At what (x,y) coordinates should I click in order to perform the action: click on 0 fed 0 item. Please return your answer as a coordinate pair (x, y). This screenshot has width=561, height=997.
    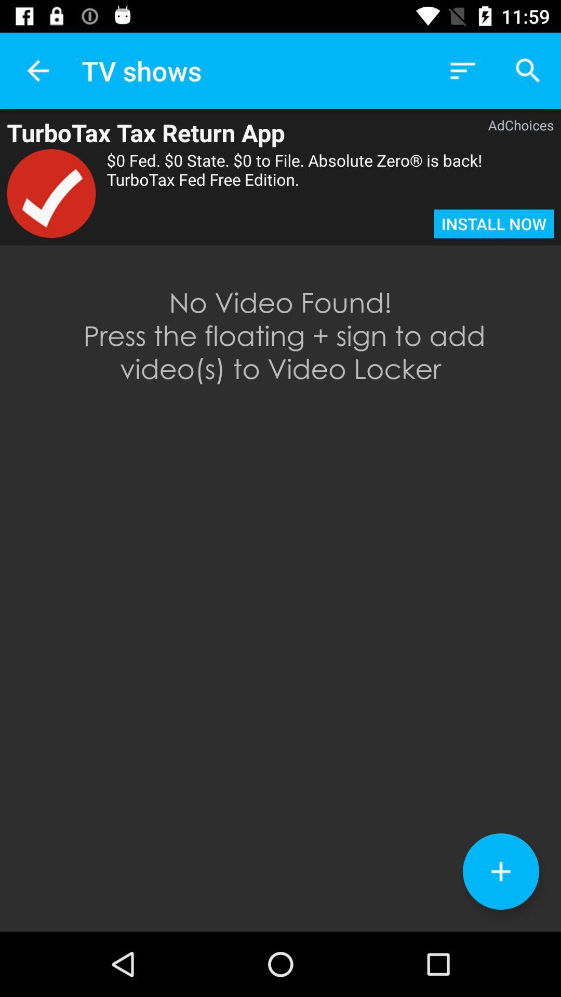
    Looking at the image, I should click on (330, 179).